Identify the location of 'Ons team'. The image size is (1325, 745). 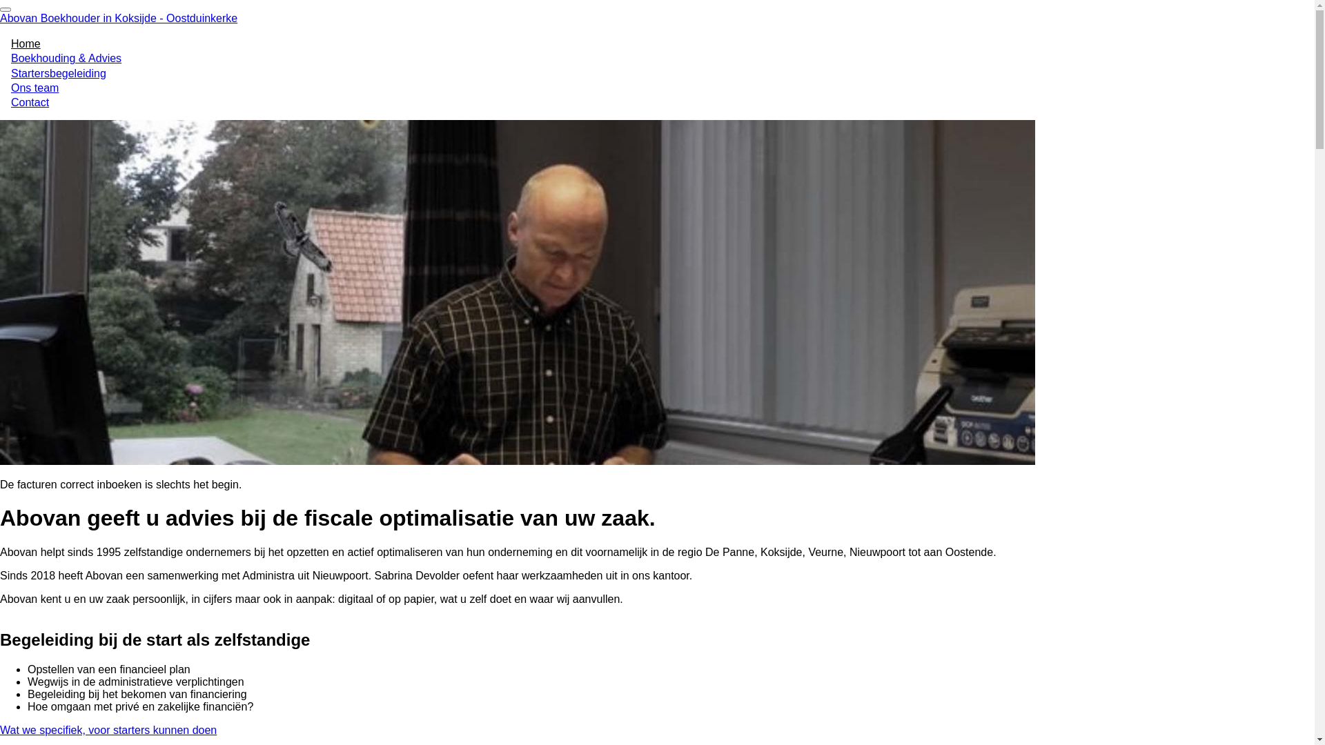
(10, 88).